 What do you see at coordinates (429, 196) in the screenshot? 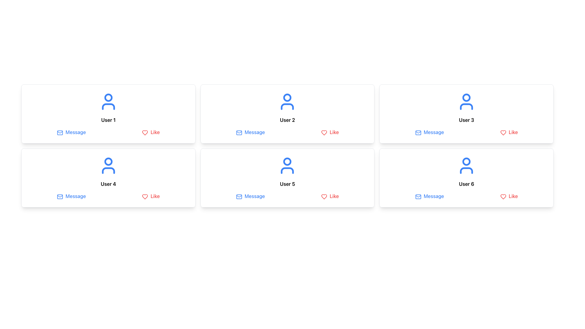
I see `the hyperlink or button with both an icon and text for 'User 6'` at bounding box center [429, 196].